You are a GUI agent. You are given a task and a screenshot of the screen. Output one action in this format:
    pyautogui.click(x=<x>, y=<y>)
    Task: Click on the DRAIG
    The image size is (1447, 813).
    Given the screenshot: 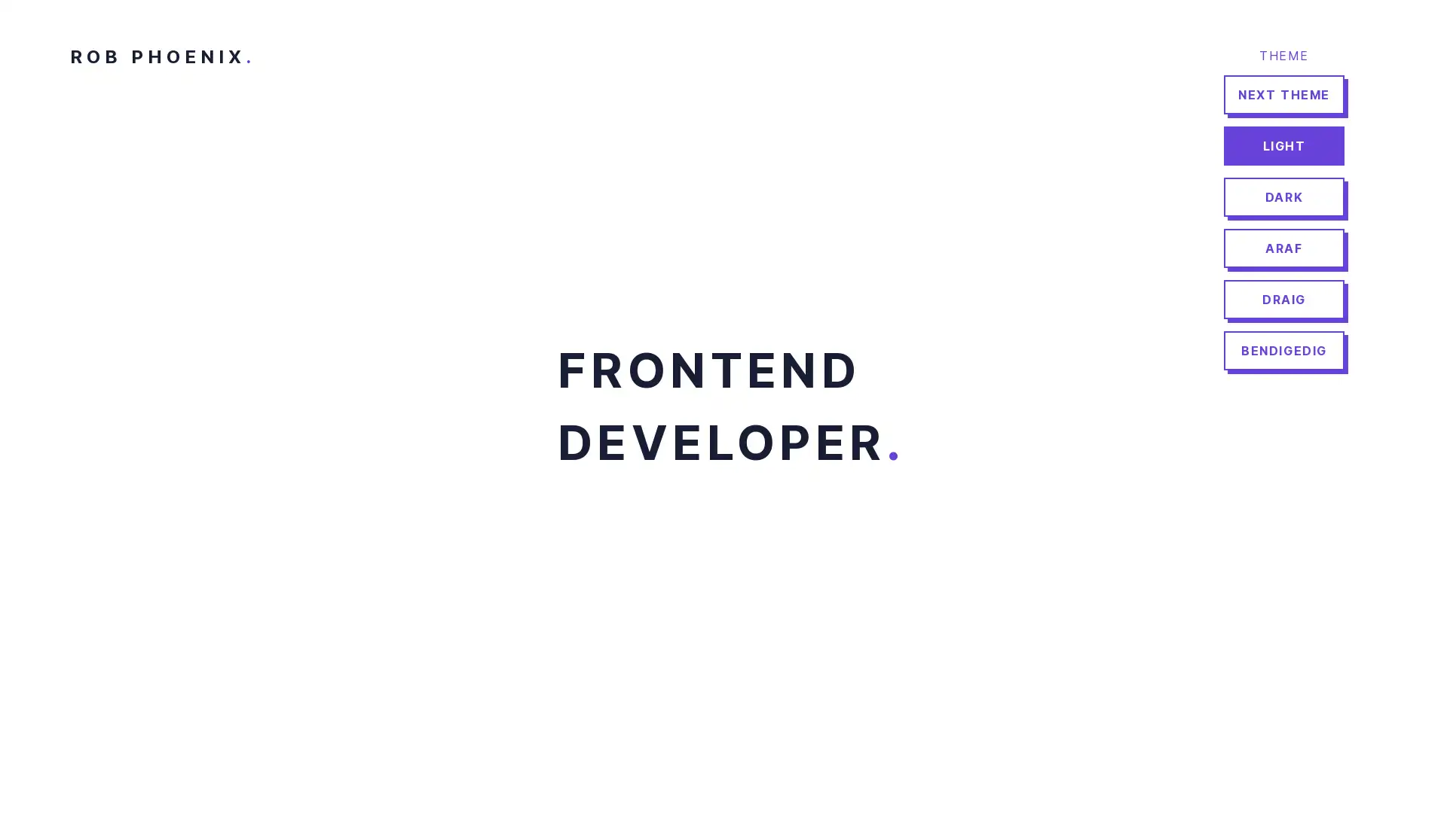 What is the action you would take?
    pyautogui.click(x=1283, y=299)
    